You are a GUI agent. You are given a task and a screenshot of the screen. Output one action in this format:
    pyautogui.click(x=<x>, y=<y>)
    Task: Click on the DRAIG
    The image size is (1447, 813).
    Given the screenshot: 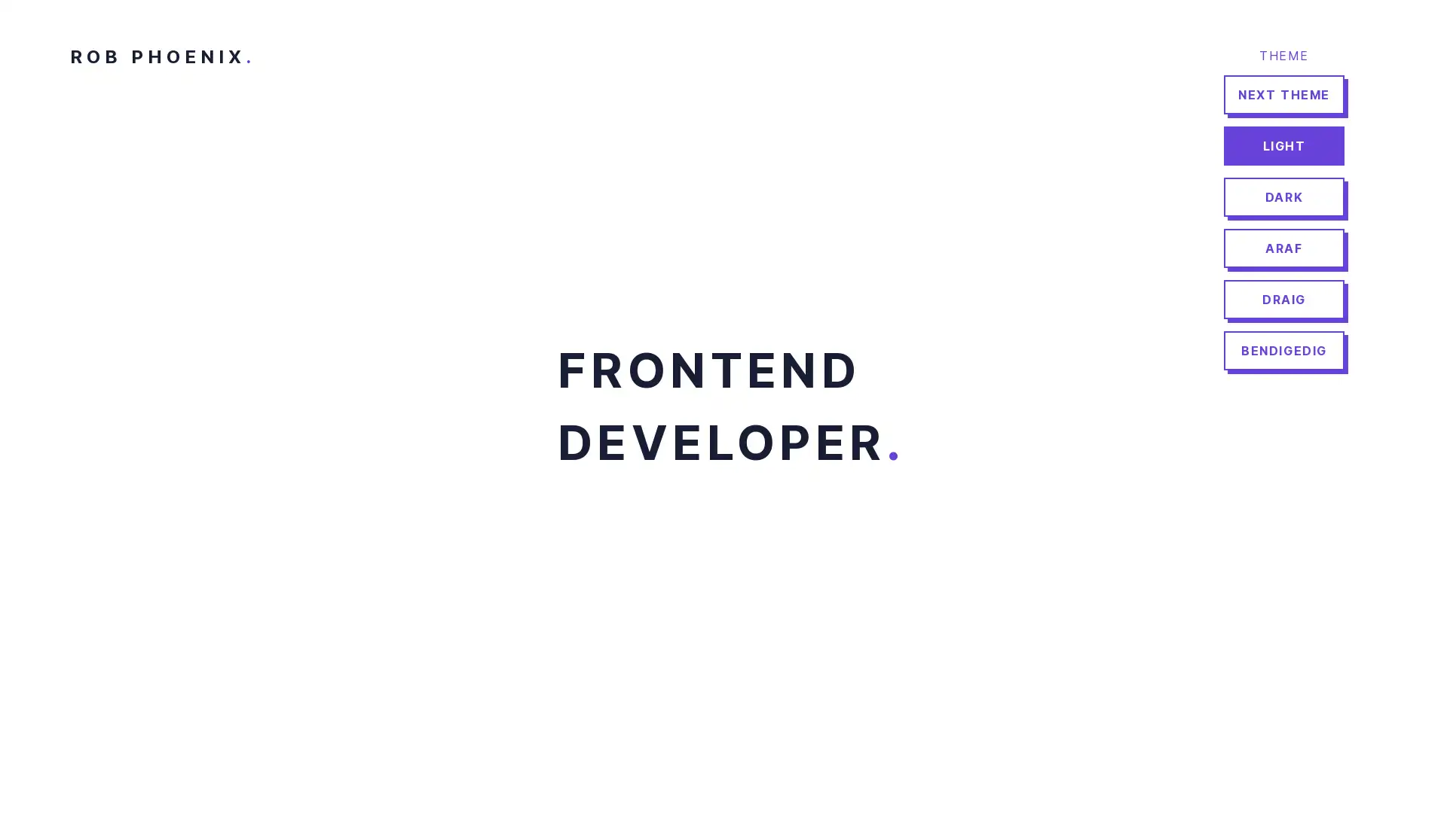 What is the action you would take?
    pyautogui.click(x=1283, y=299)
    